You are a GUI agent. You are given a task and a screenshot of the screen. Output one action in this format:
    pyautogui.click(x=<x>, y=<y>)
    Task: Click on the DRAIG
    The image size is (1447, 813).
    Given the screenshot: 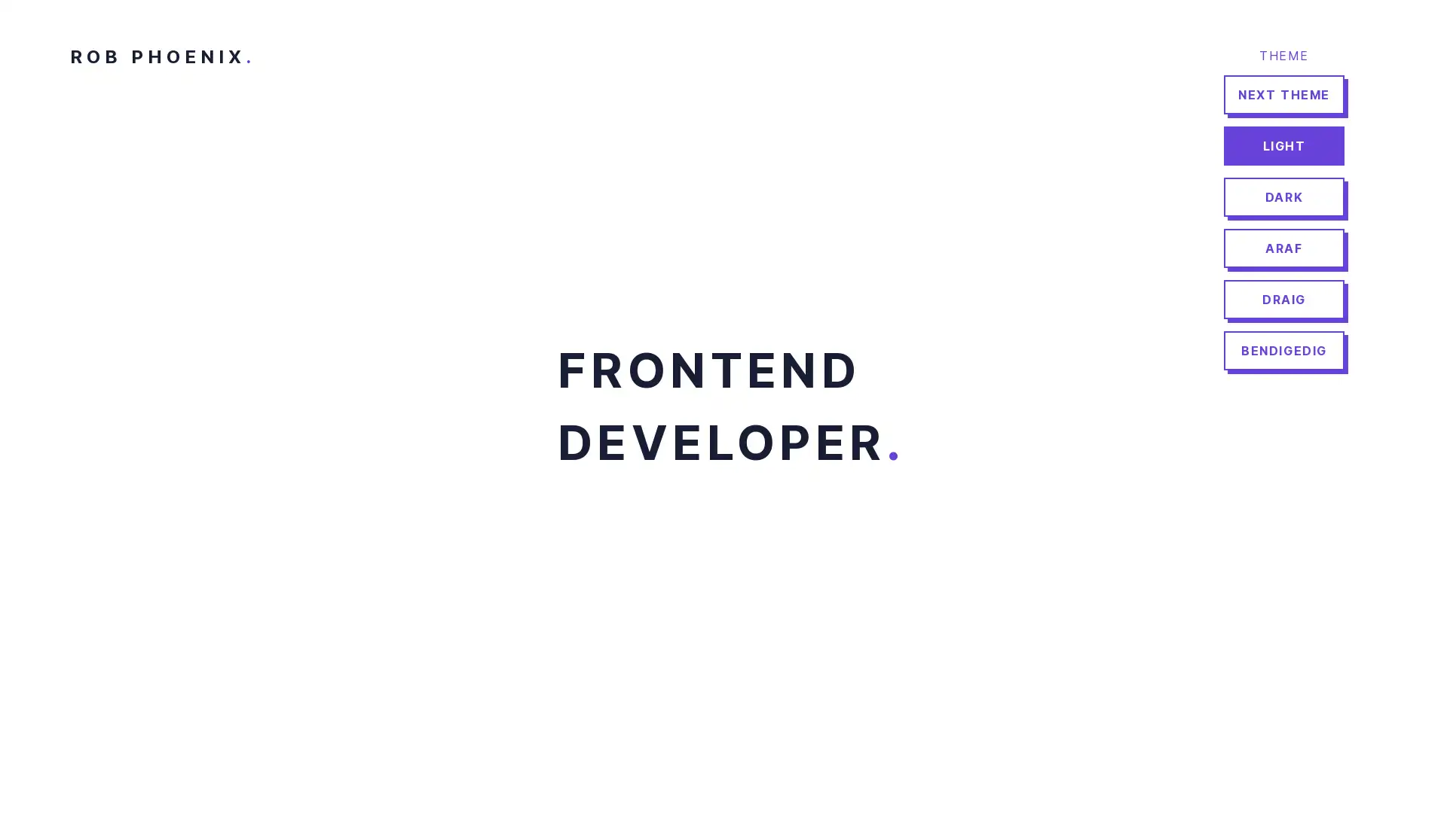 What is the action you would take?
    pyautogui.click(x=1283, y=299)
    